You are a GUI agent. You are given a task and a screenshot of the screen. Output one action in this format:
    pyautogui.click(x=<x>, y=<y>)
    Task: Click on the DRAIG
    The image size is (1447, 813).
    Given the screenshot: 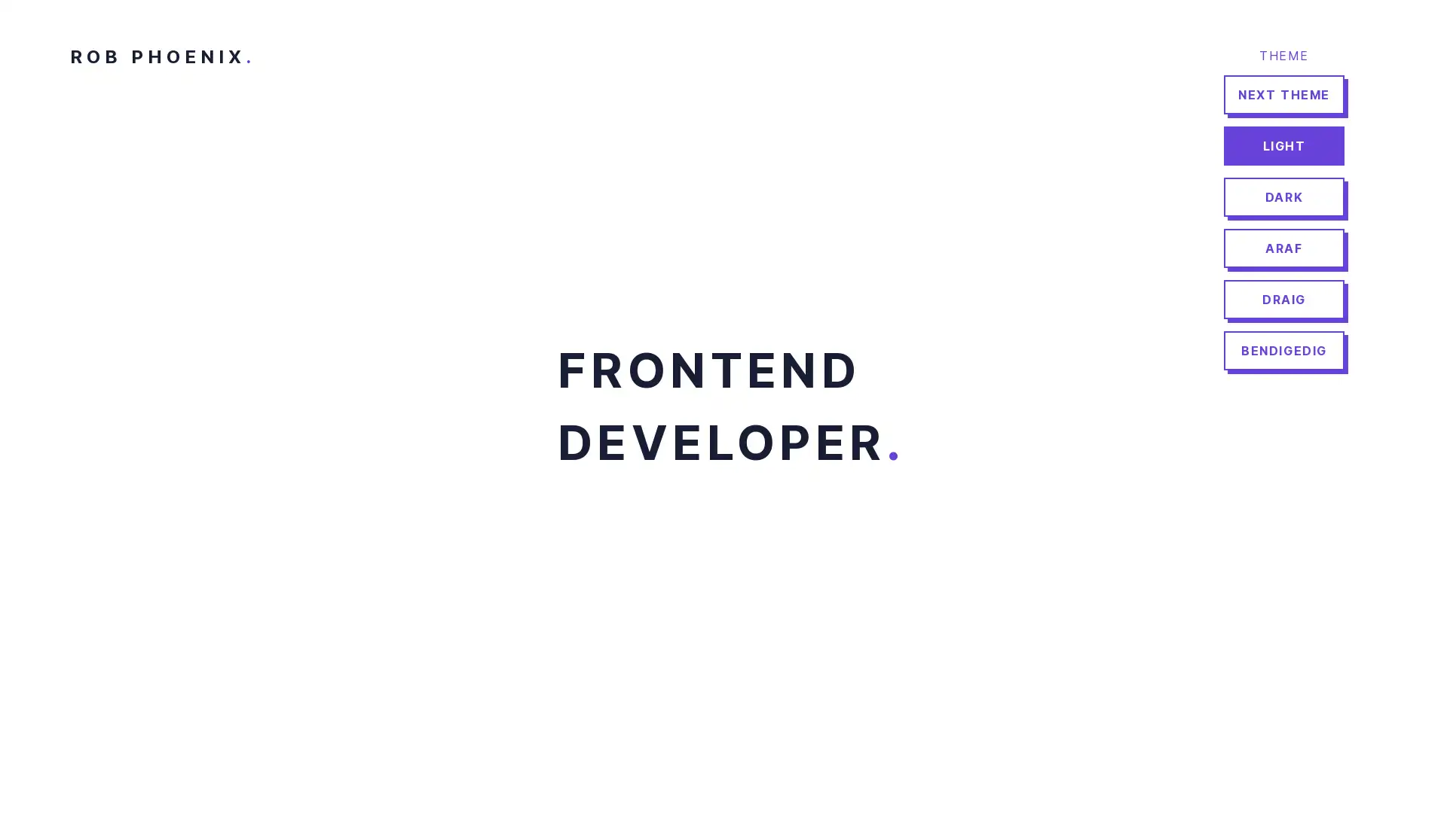 What is the action you would take?
    pyautogui.click(x=1283, y=299)
    